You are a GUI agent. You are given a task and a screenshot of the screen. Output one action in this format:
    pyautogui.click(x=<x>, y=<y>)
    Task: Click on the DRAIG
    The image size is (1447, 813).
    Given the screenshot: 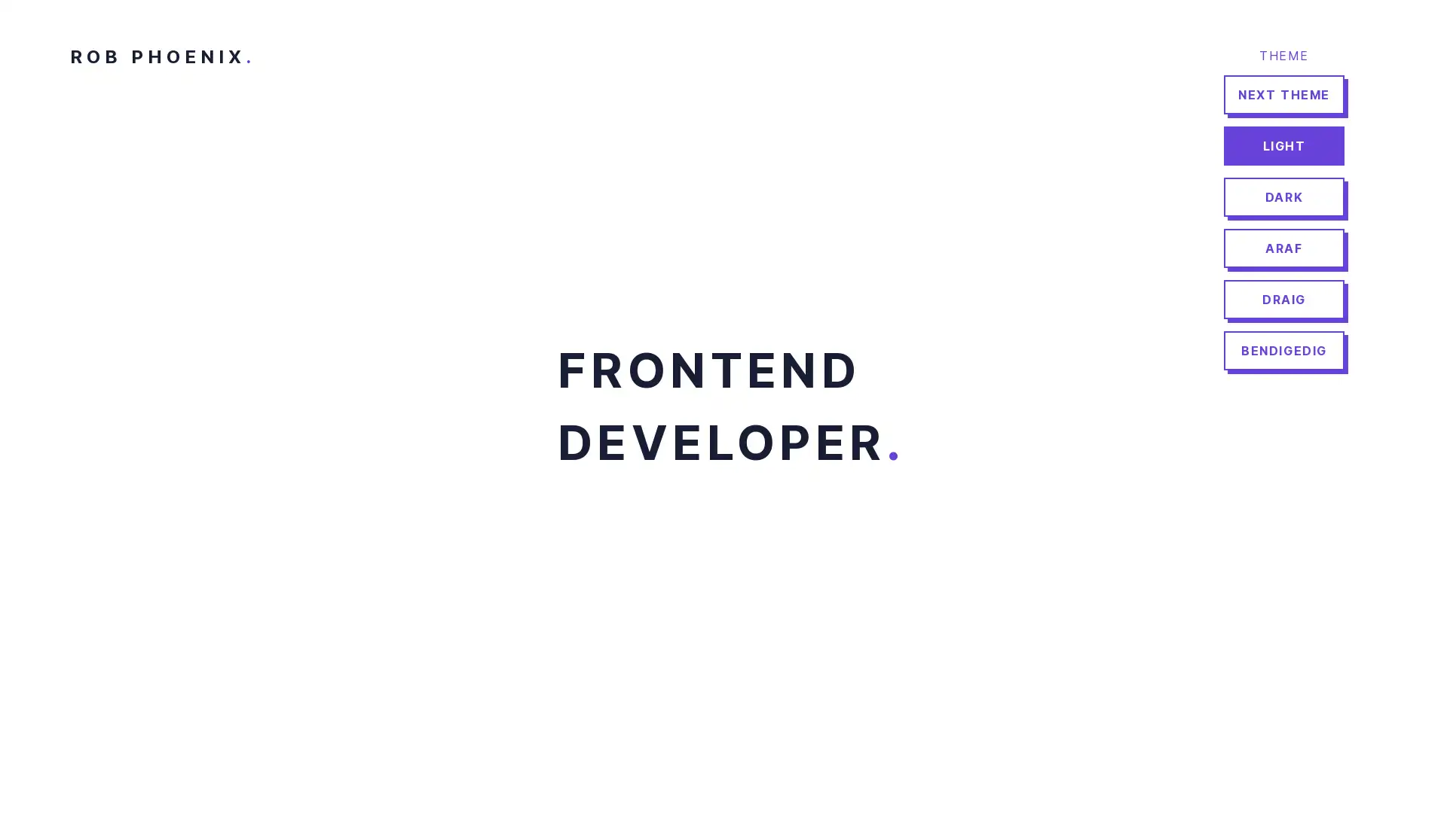 What is the action you would take?
    pyautogui.click(x=1283, y=299)
    